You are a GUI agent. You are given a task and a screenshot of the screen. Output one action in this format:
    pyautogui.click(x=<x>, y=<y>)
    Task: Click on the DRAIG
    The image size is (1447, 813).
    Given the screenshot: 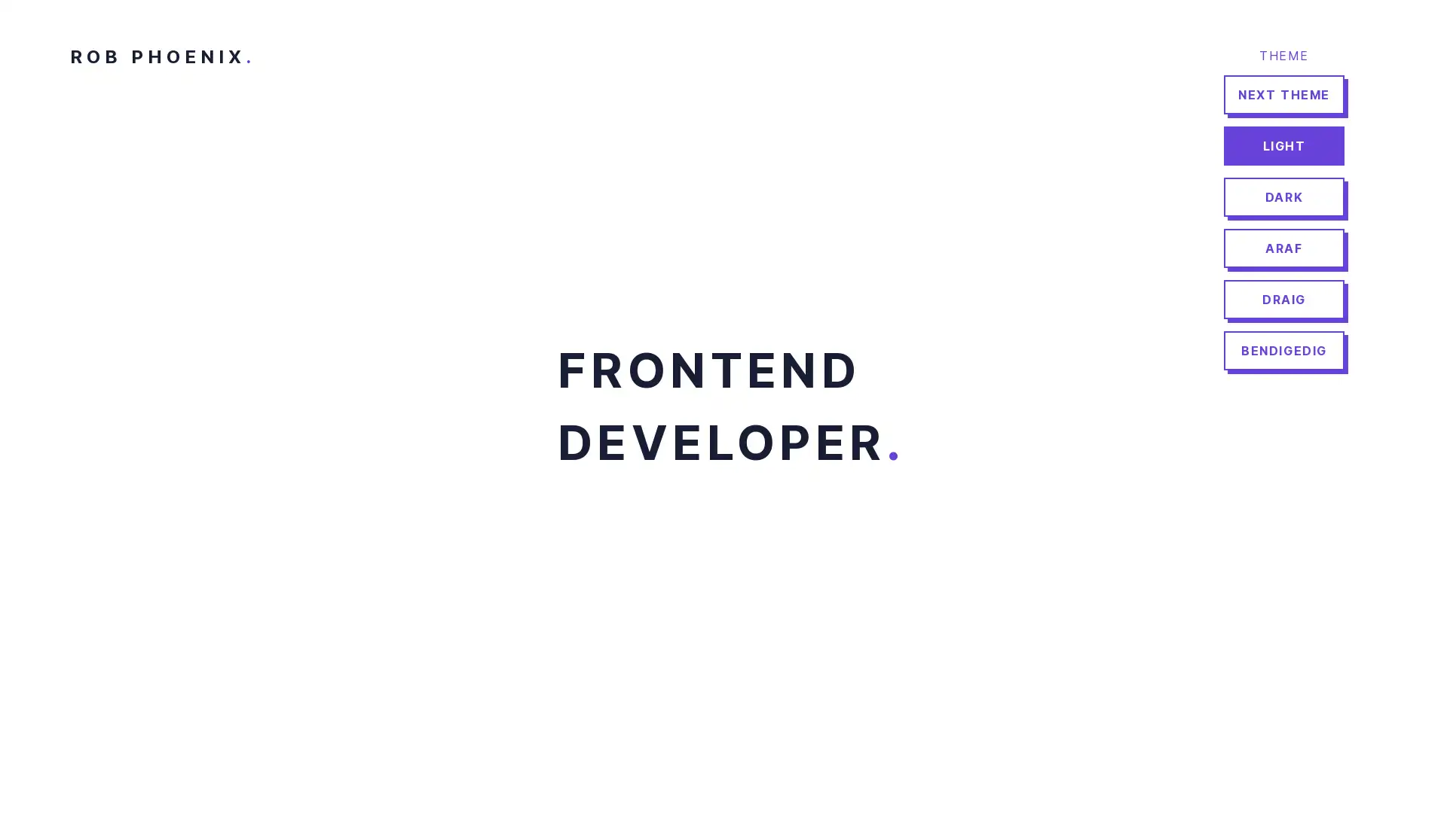 What is the action you would take?
    pyautogui.click(x=1283, y=299)
    